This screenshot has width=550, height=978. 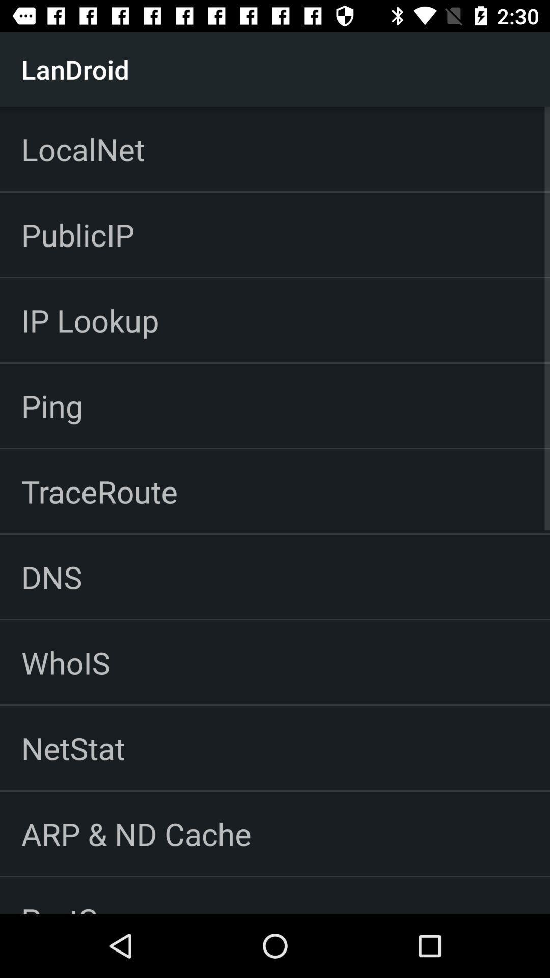 I want to click on the icon below the netstat item, so click(x=135, y=833).